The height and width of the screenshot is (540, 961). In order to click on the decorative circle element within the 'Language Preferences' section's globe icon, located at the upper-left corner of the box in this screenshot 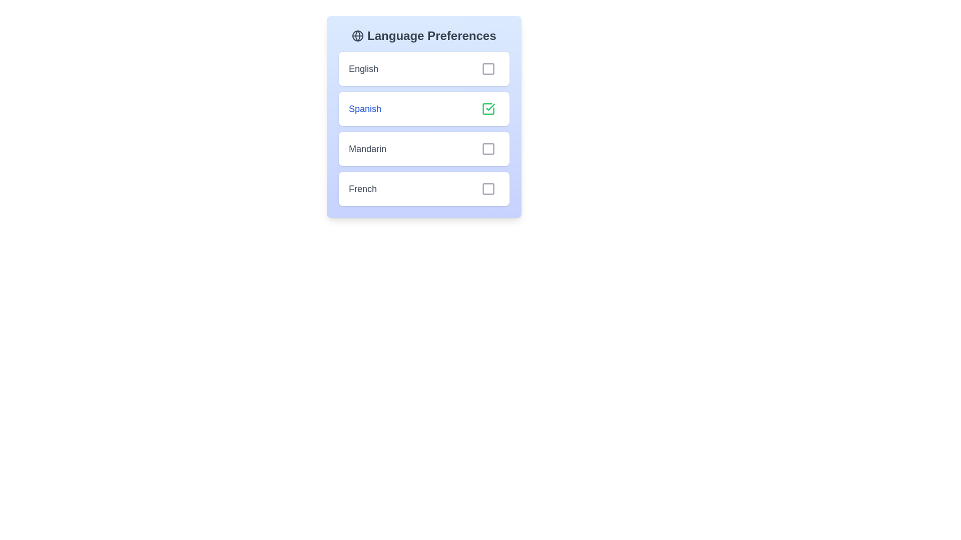, I will do `click(358, 35)`.